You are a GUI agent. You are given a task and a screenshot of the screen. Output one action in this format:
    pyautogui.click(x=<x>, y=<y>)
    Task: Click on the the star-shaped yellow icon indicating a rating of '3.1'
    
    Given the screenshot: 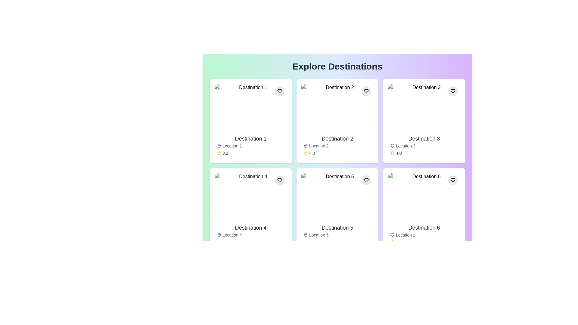 What is the action you would take?
    pyautogui.click(x=219, y=153)
    